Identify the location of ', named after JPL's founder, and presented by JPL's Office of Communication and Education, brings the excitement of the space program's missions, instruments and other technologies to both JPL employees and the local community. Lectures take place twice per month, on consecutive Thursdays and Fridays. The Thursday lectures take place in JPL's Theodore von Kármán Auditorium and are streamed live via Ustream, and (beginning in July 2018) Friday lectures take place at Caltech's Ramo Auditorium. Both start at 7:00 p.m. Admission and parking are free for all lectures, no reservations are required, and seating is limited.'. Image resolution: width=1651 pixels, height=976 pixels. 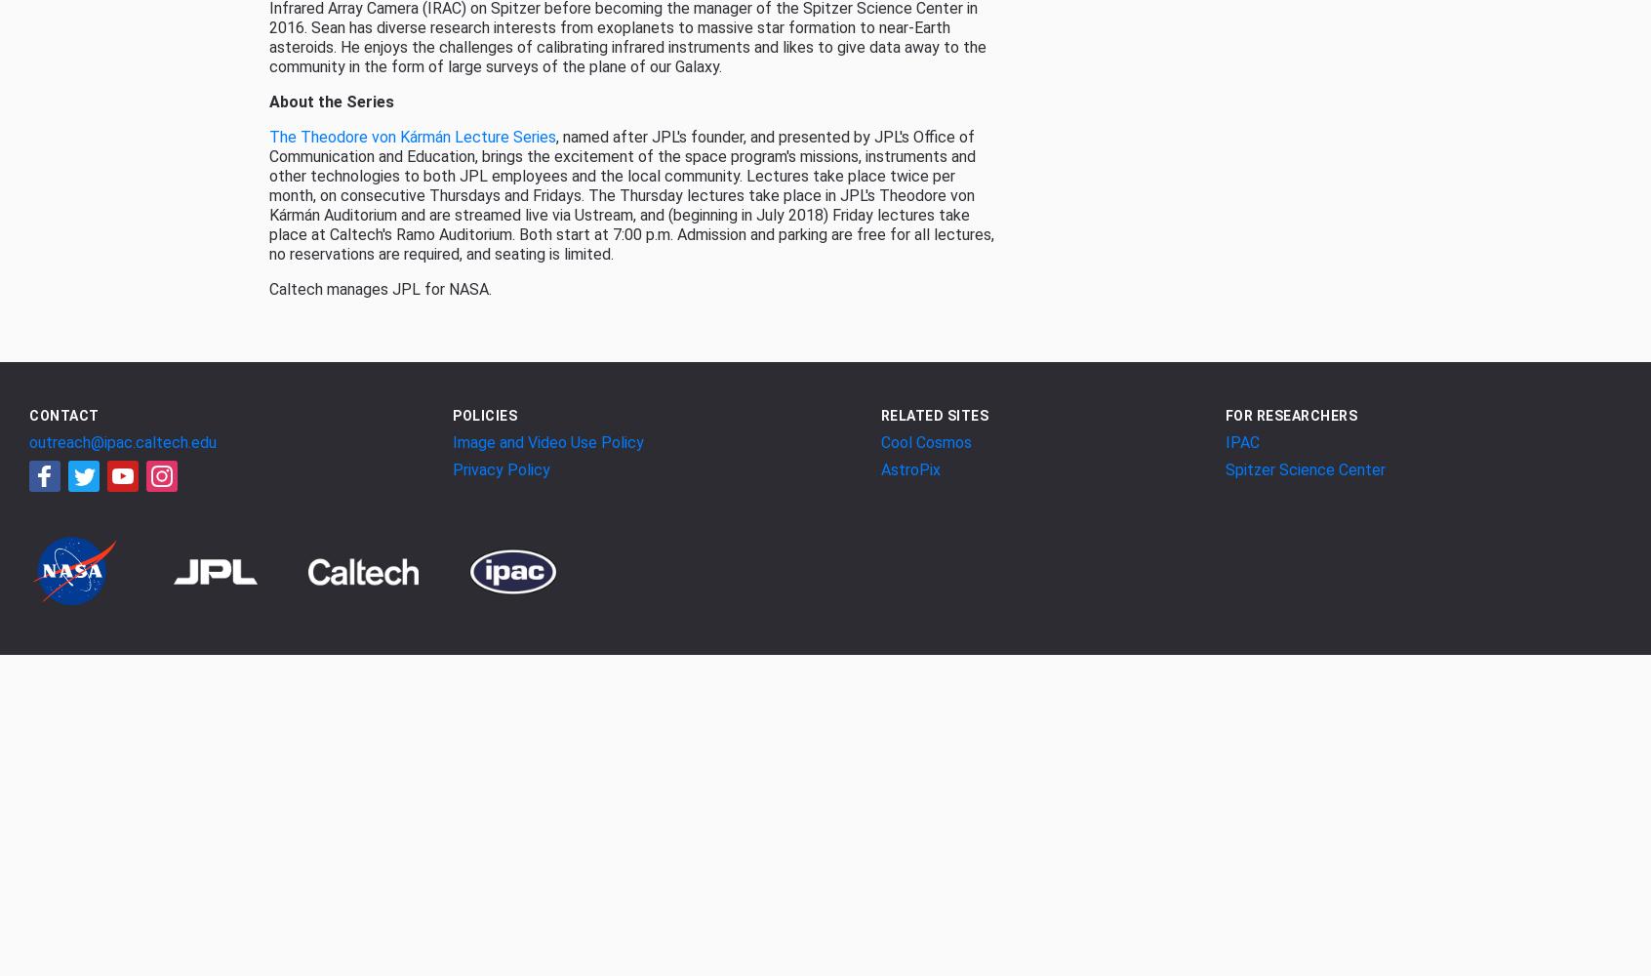
(631, 193).